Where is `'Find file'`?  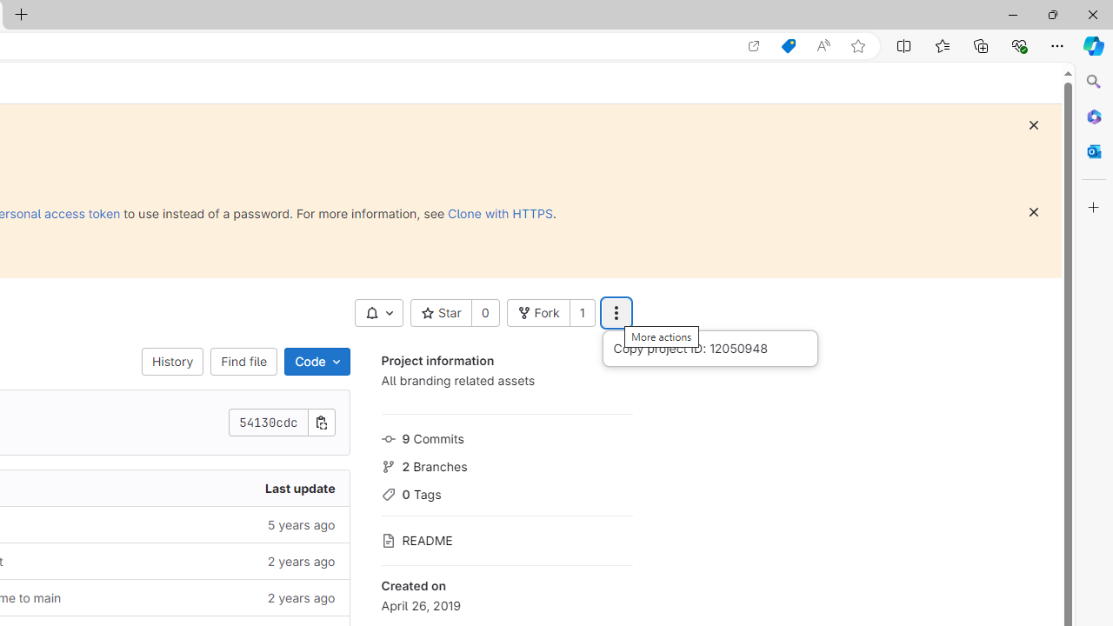
'Find file' is located at coordinates (243, 361).